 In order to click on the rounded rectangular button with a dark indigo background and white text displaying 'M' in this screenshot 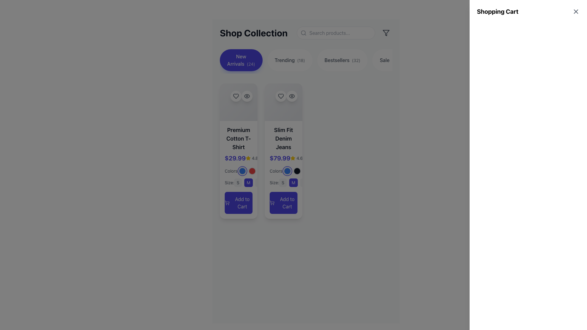, I will do `click(293, 182)`.